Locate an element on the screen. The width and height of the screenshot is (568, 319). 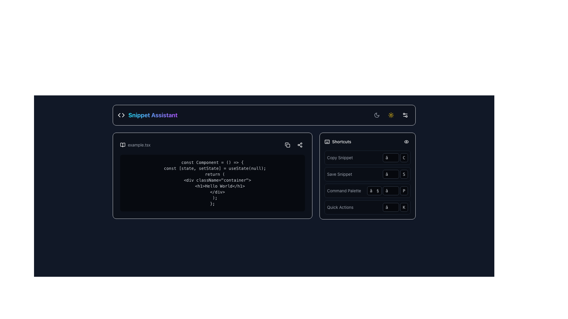
the leftmost button in the horizontal pair located in the 'Shortcuts' section of the interface is located at coordinates (391, 174).